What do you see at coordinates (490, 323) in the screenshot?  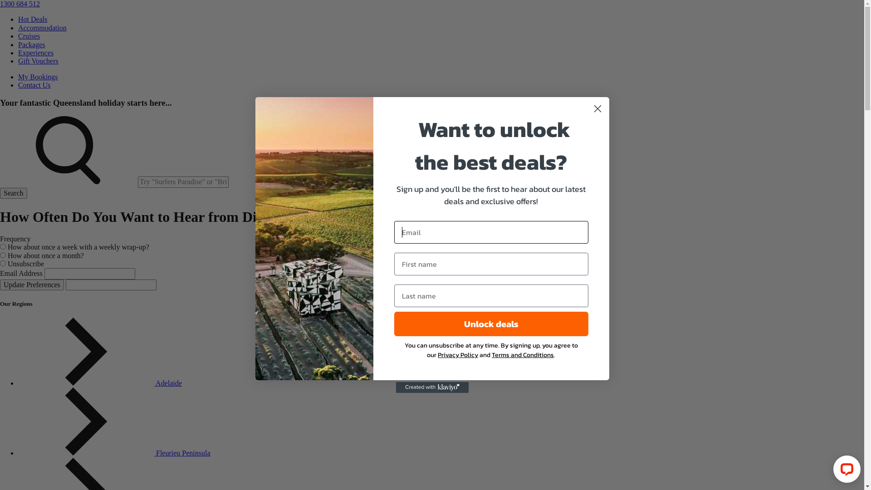 I see `'Unlock deals'` at bounding box center [490, 323].